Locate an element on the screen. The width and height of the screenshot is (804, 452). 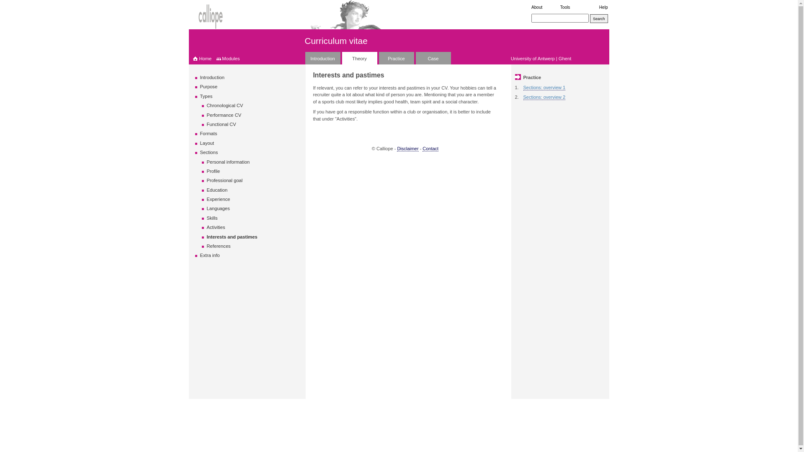
'Performance CV' is located at coordinates (224, 115).